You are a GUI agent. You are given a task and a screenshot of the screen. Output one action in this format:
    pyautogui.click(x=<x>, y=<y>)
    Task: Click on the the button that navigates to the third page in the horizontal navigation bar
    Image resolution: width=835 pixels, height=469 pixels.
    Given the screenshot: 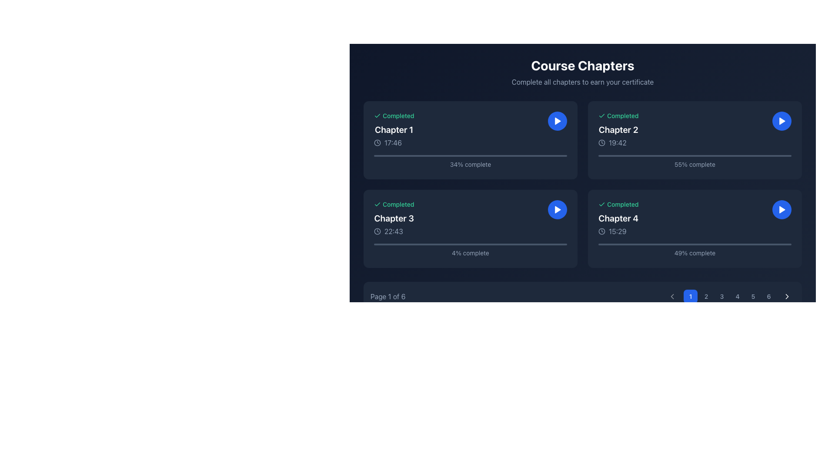 What is the action you would take?
    pyautogui.click(x=722, y=296)
    